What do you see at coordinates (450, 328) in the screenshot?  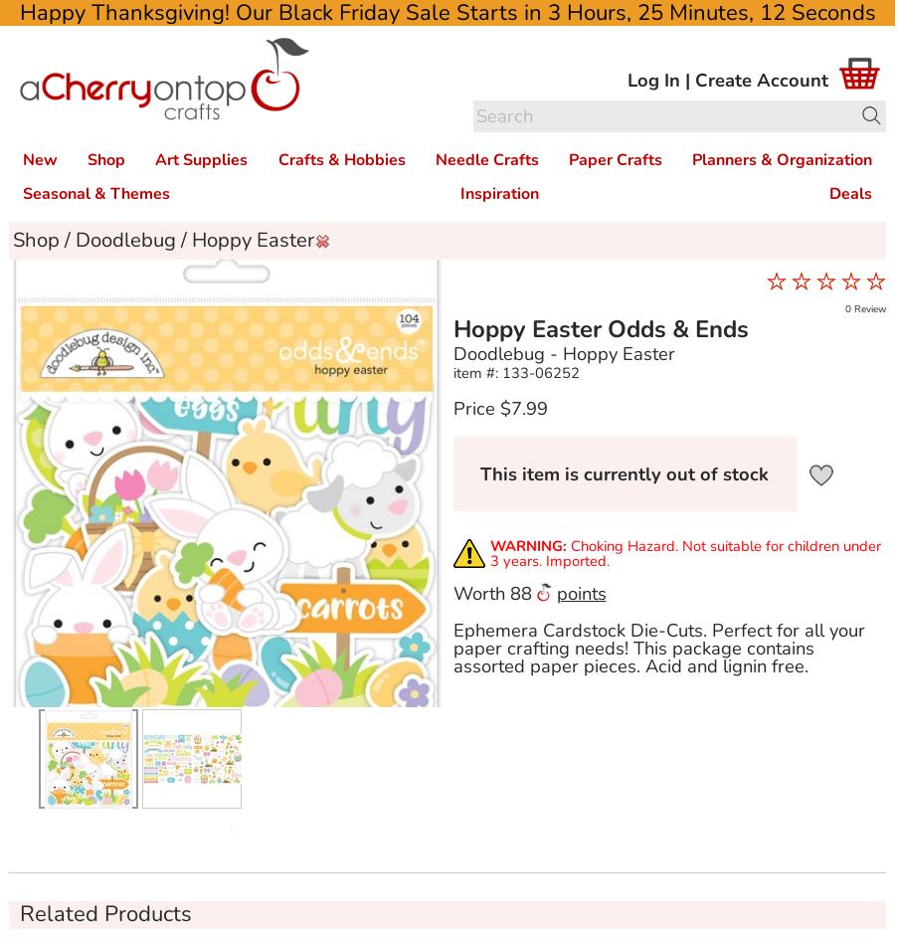 I see `'Hoppy Easter Odds & Ends'` at bounding box center [450, 328].